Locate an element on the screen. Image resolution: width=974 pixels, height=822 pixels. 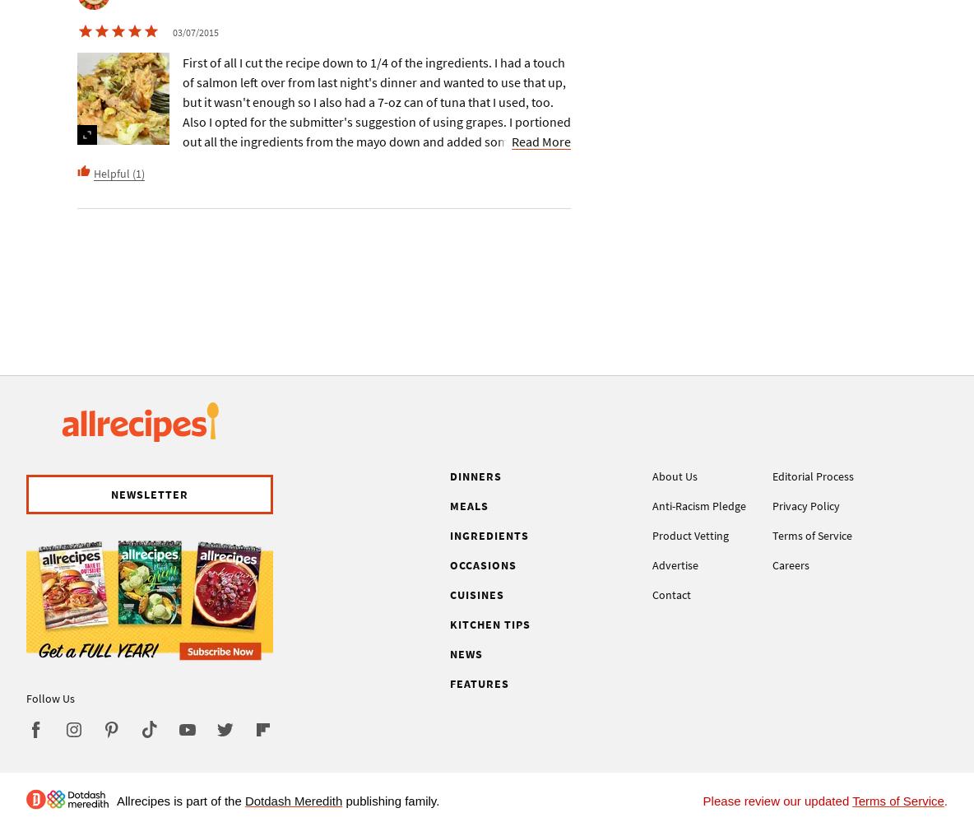
'publishing family.' is located at coordinates (342, 800).